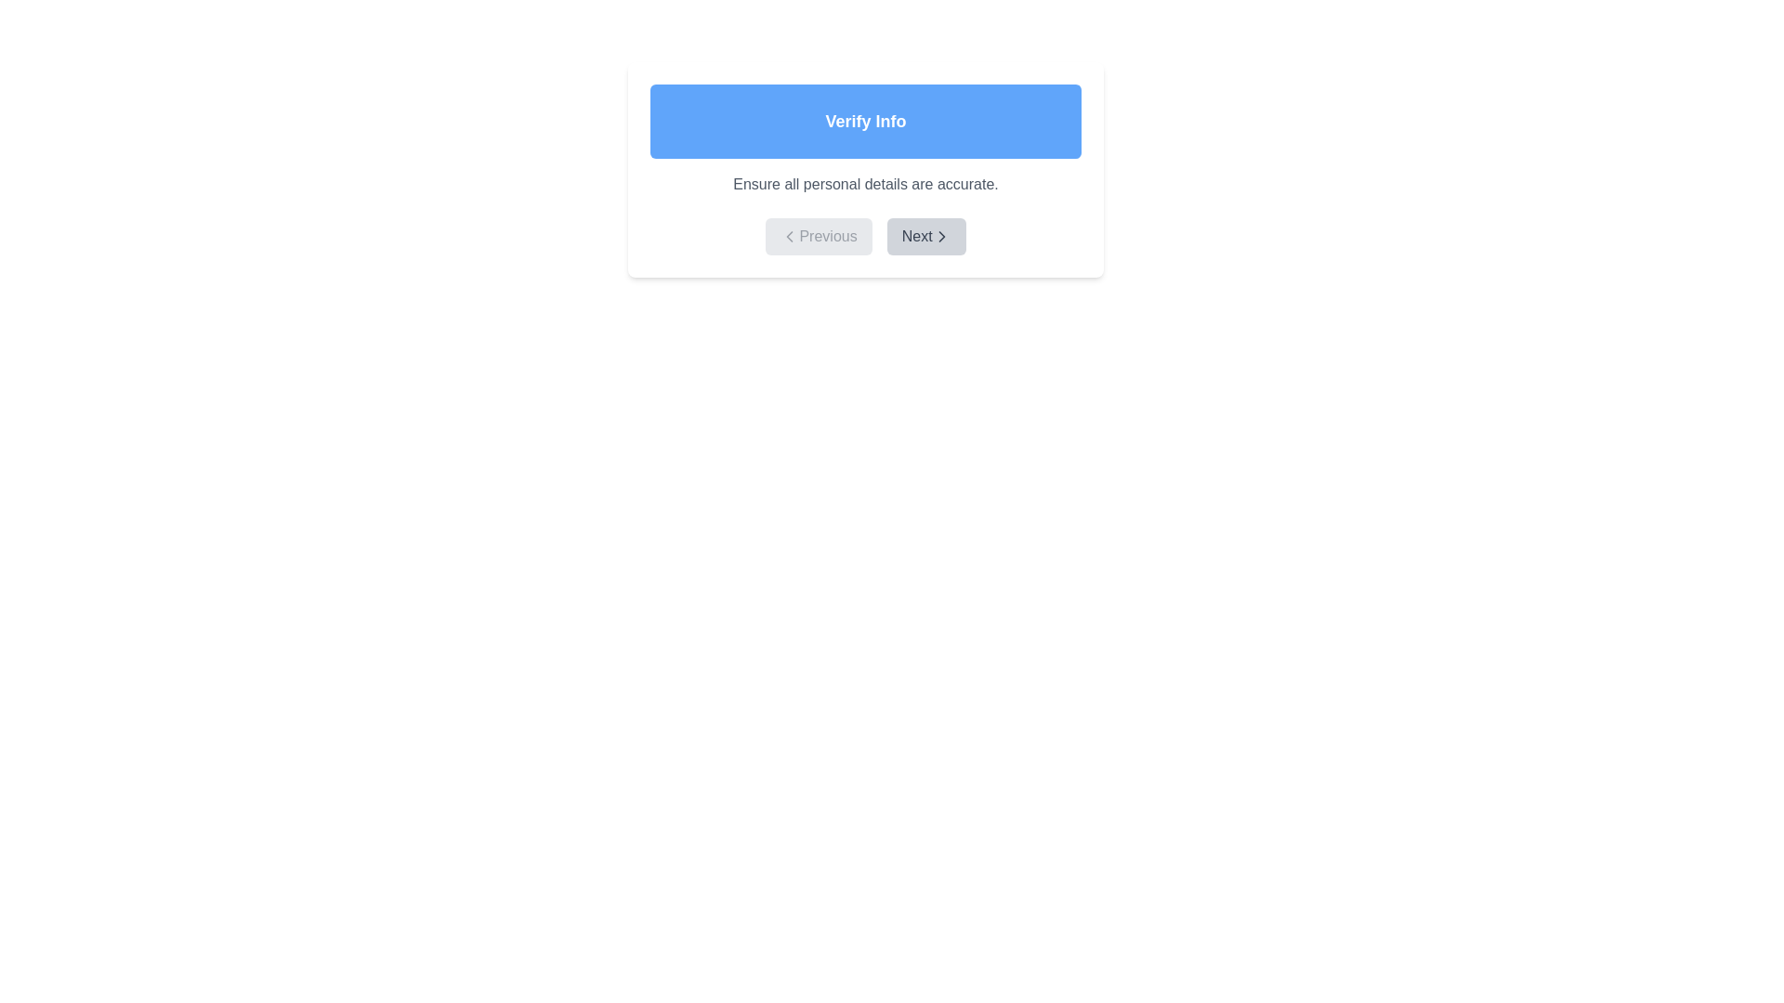 This screenshot has height=1003, width=1784. What do you see at coordinates (864, 169) in the screenshot?
I see `prompt on the white rectangular panel which contains the text 'Ensure all personal details are accurate'` at bounding box center [864, 169].